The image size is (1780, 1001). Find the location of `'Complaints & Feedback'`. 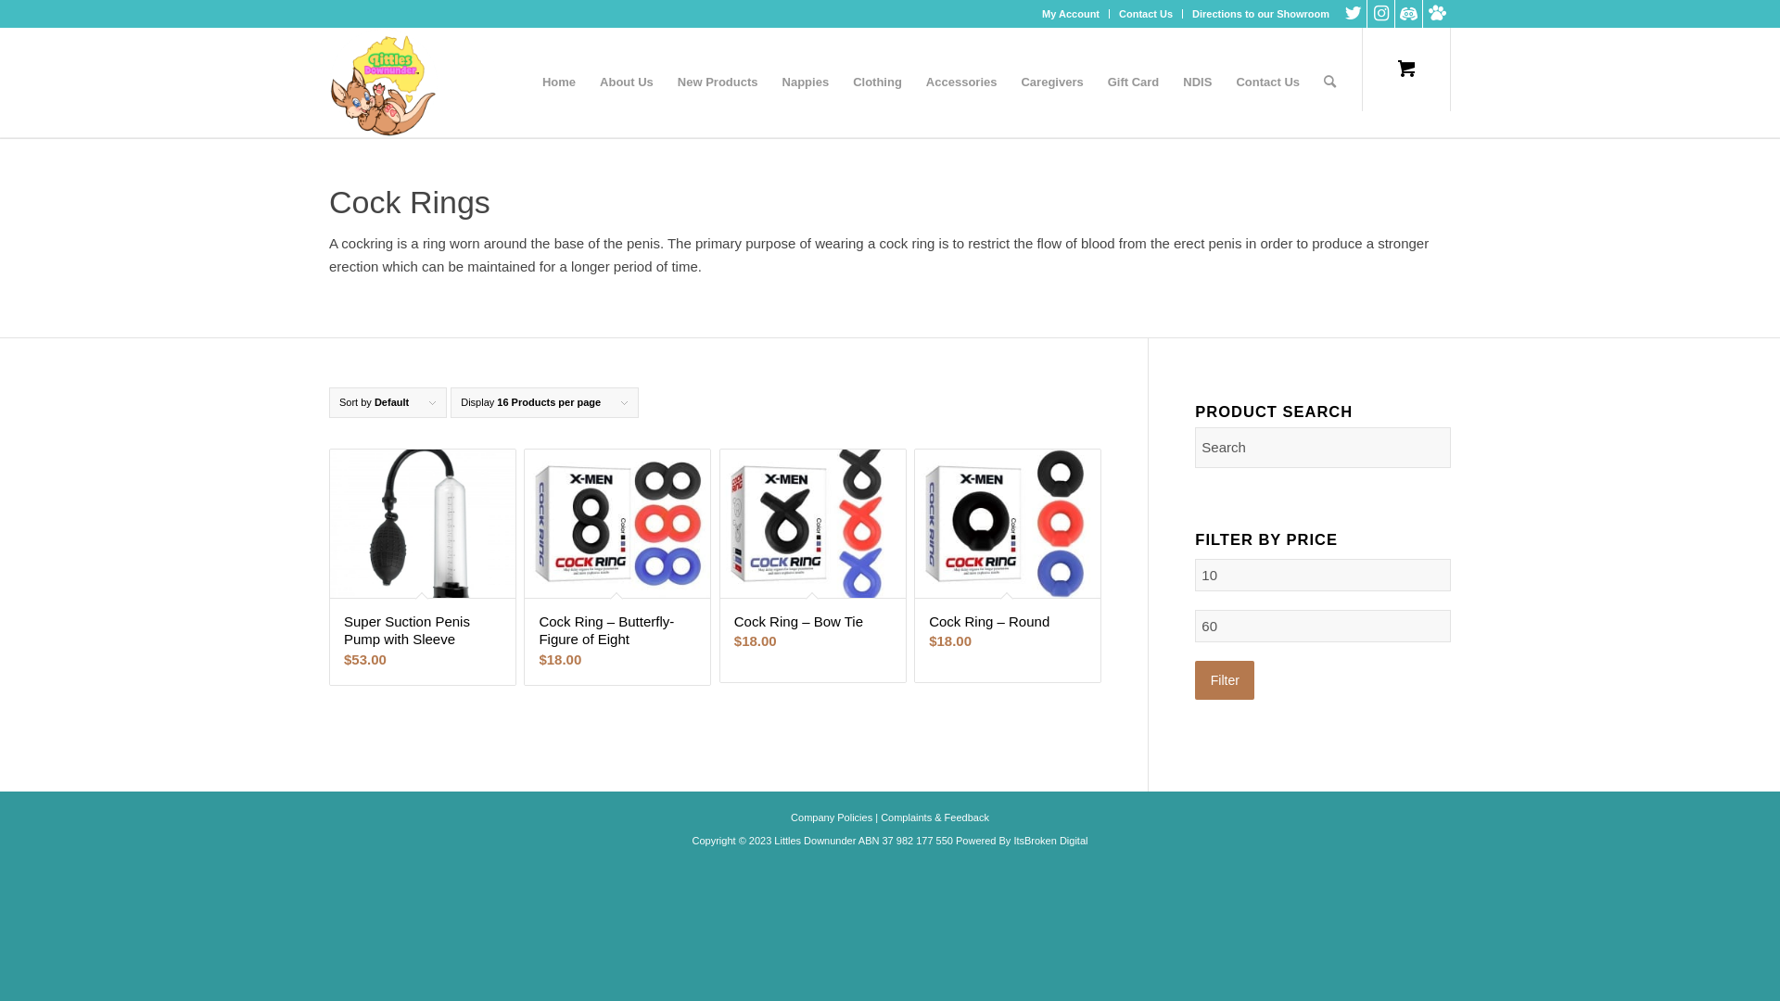

'Complaints & Feedback' is located at coordinates (934, 817).